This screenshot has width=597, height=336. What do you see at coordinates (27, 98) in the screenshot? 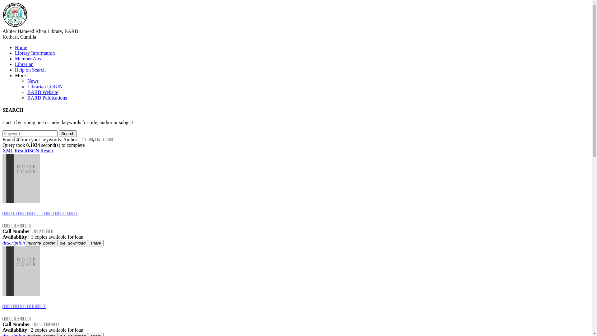
I see `'BARD Publications'` at bounding box center [27, 98].